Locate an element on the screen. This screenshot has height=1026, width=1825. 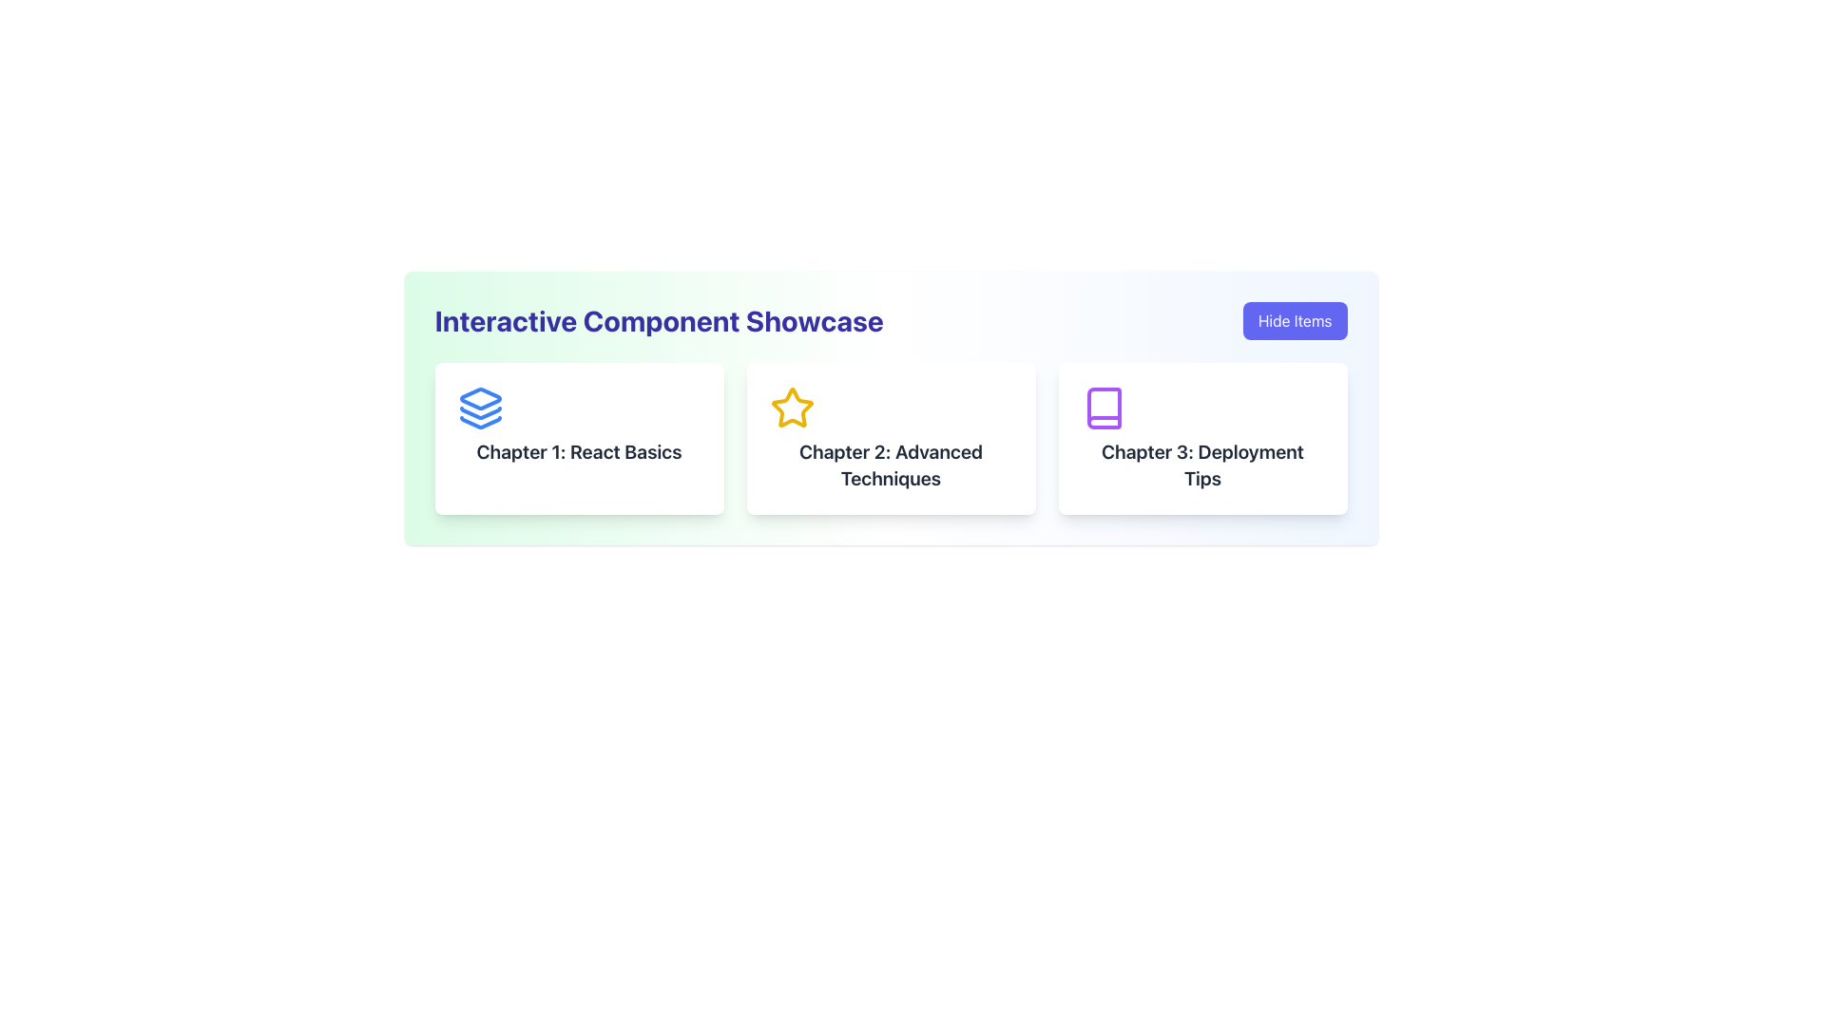
the 3D stack graphical element with a blue outline, located centrally within the first card above the text 'Chapter 1: React Basics', to interact with the card or icon is located at coordinates (480, 398).